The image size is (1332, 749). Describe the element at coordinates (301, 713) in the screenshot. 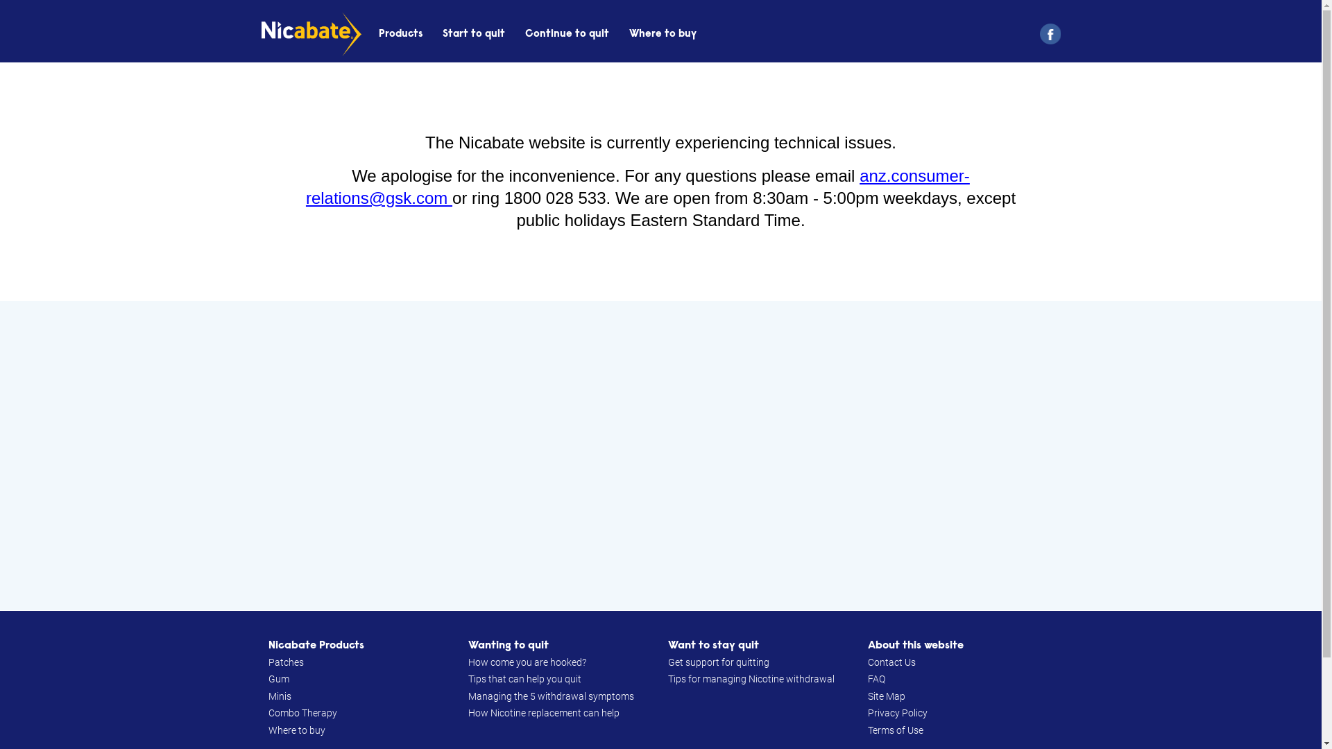

I see `'Combo Therapy'` at that location.